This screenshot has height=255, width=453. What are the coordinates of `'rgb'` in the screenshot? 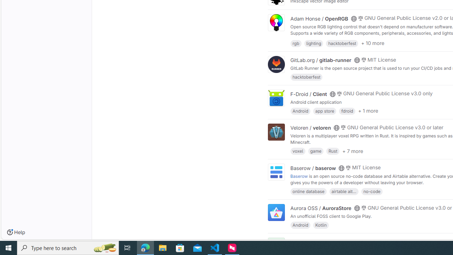 It's located at (296, 43).